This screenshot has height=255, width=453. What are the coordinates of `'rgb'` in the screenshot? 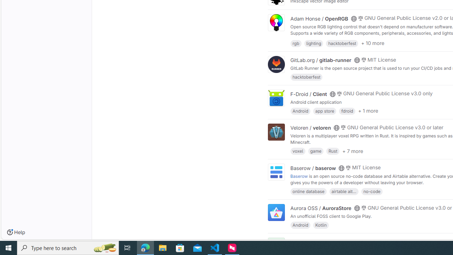 It's located at (296, 43).